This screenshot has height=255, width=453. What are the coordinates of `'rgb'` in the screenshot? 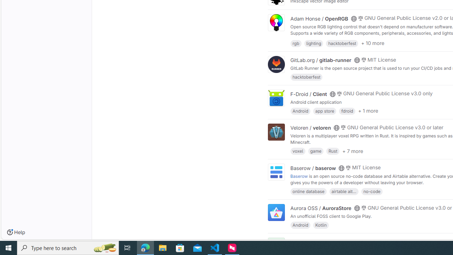 It's located at (296, 43).